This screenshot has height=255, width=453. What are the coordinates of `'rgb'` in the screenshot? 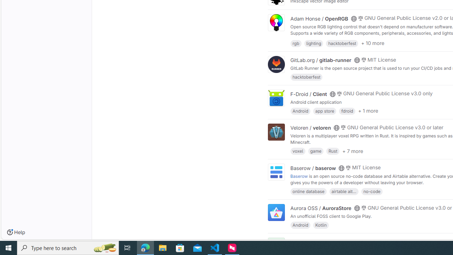 It's located at (296, 43).